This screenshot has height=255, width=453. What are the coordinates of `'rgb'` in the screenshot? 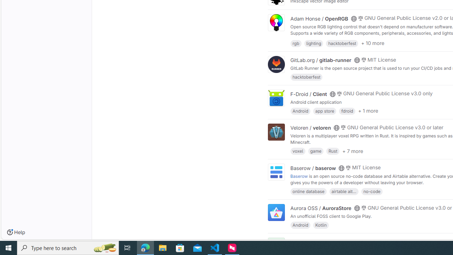 It's located at (296, 43).